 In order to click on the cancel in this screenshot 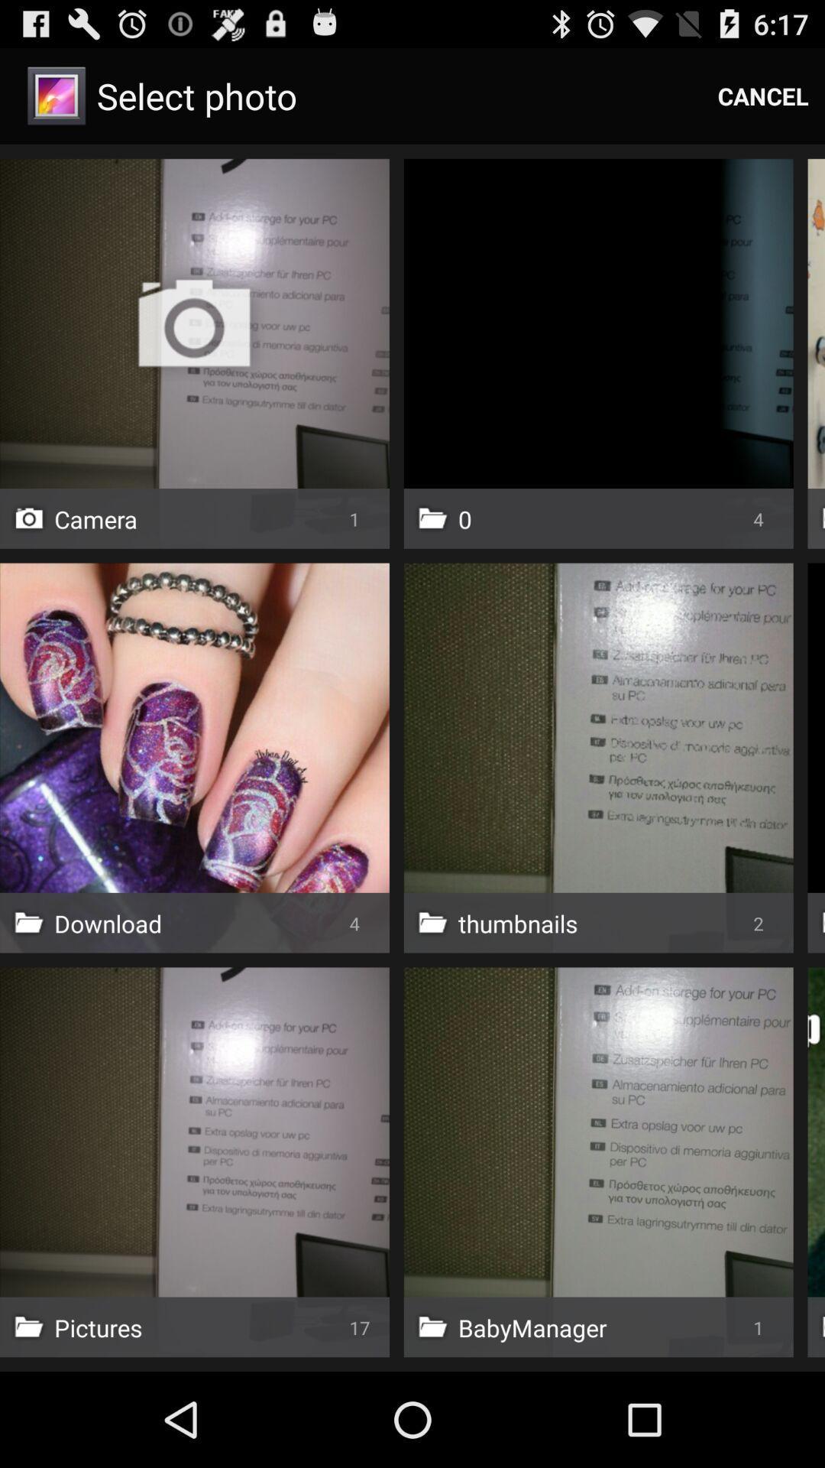, I will do `click(763, 95)`.